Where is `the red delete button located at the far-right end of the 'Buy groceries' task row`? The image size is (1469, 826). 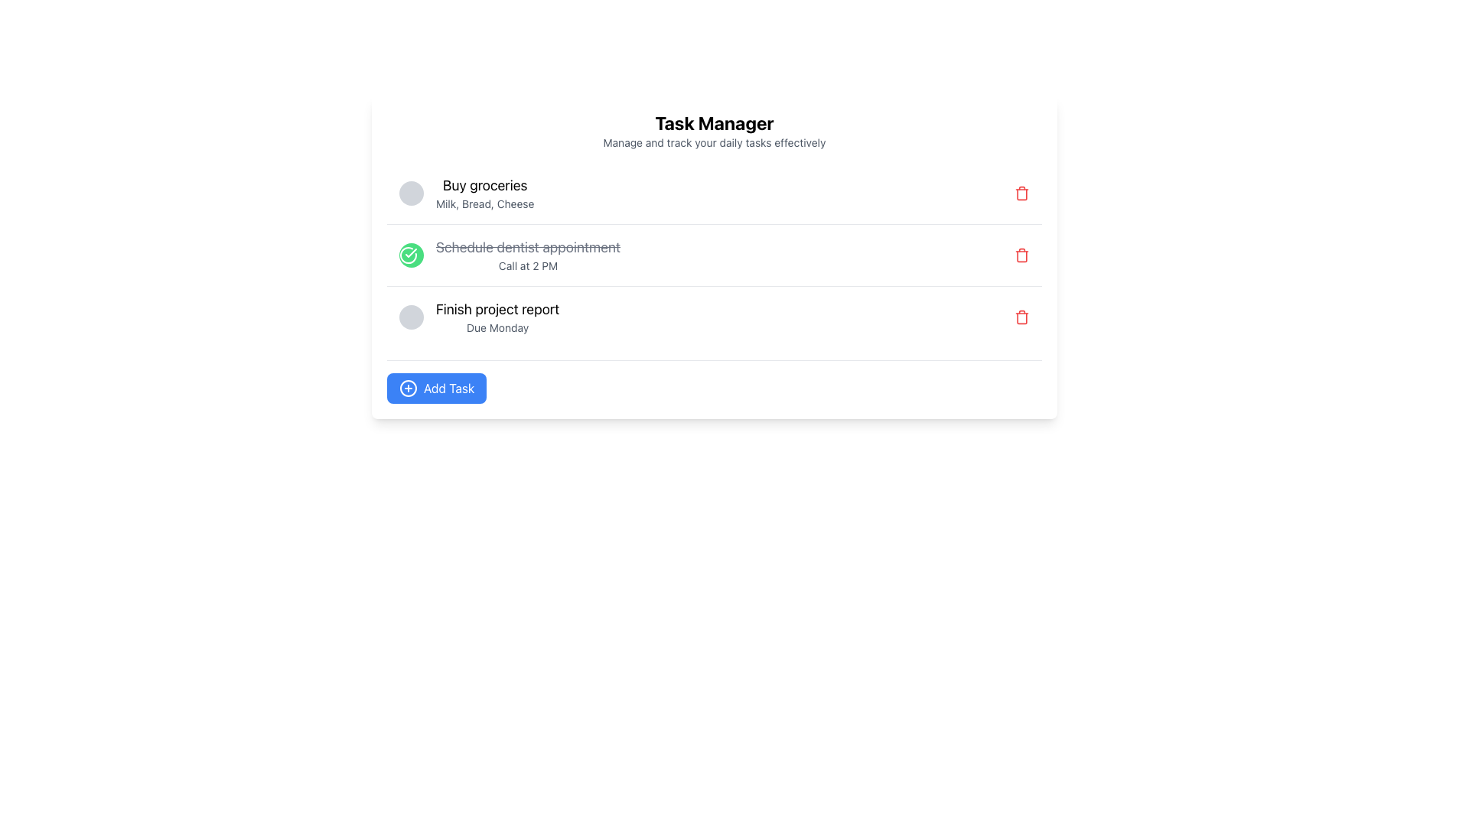 the red delete button located at the far-right end of the 'Buy groceries' task row is located at coordinates (1021, 193).